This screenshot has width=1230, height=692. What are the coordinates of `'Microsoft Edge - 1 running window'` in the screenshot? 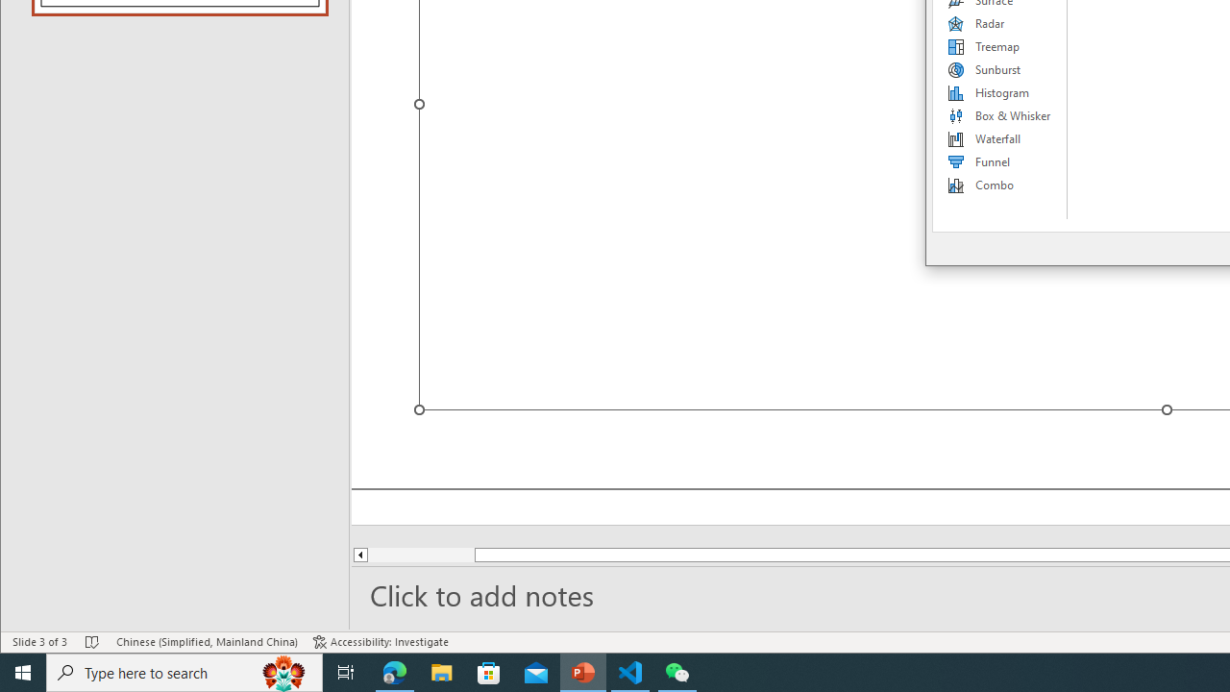 It's located at (394, 671).